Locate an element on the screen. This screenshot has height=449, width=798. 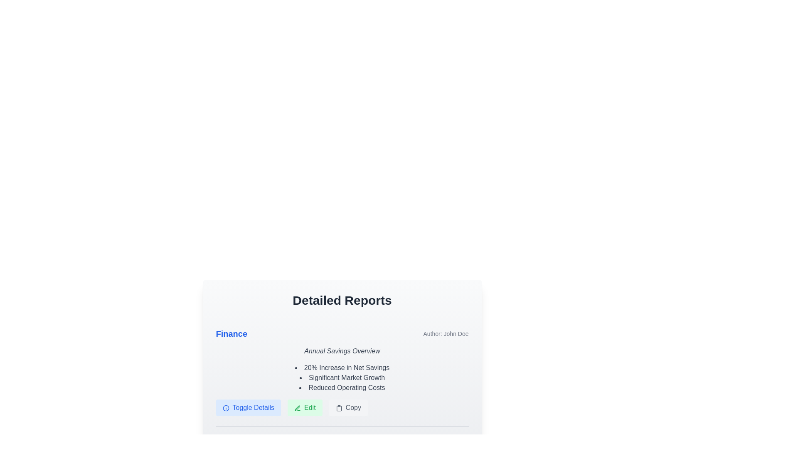
the 'Copy' button, which is the third button in a row of three interactive buttons below the annual savings overview list is located at coordinates (342, 407).